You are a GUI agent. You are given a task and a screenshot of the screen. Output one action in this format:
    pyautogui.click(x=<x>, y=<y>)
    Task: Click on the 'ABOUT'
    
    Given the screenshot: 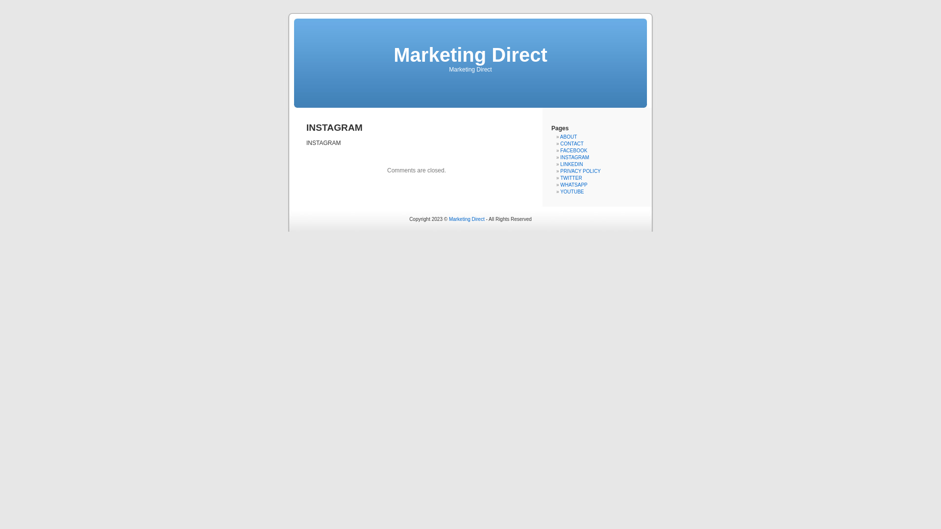 What is the action you would take?
    pyautogui.click(x=569, y=137)
    